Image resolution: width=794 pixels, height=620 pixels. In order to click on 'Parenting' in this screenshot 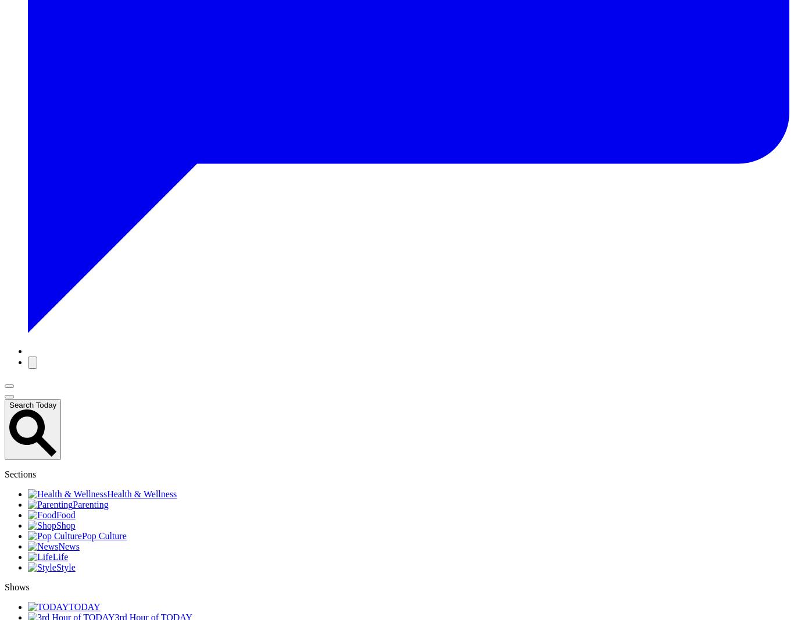, I will do `click(90, 504)`.